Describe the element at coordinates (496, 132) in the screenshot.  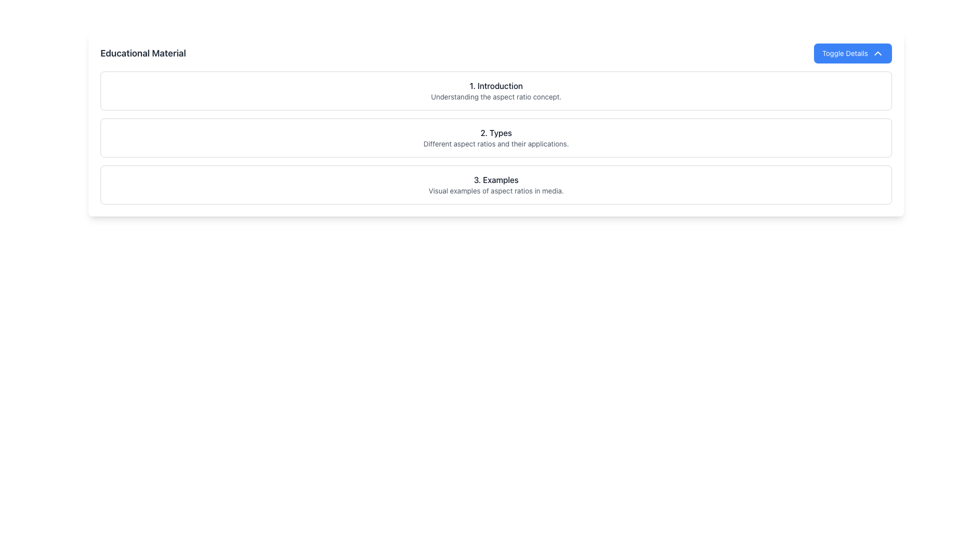
I see `the section heading that provides a title or description, which is the second heading in sequence among similar elements, centrally located above a smaller descriptive text element` at that location.